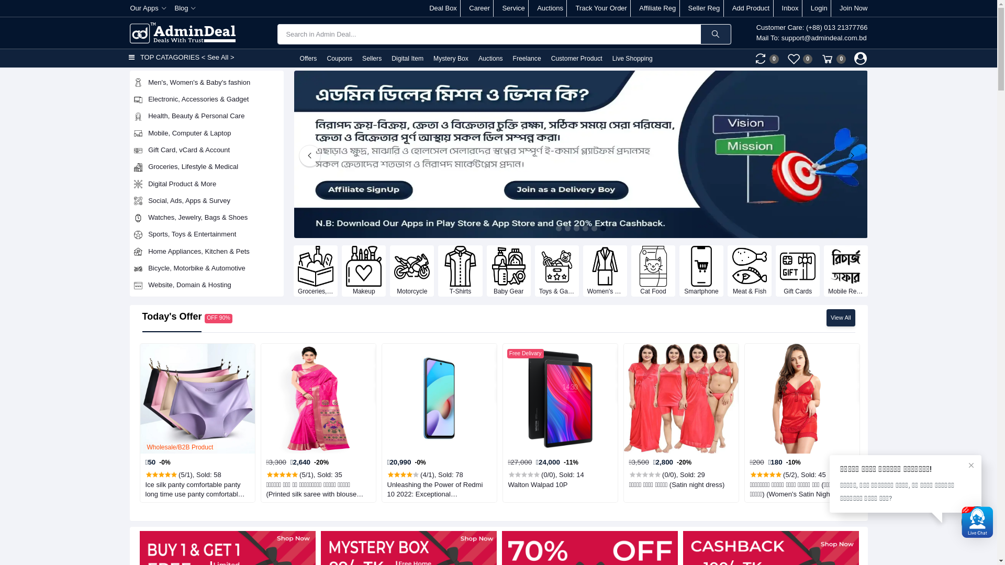  I want to click on 'View All', so click(841, 317).